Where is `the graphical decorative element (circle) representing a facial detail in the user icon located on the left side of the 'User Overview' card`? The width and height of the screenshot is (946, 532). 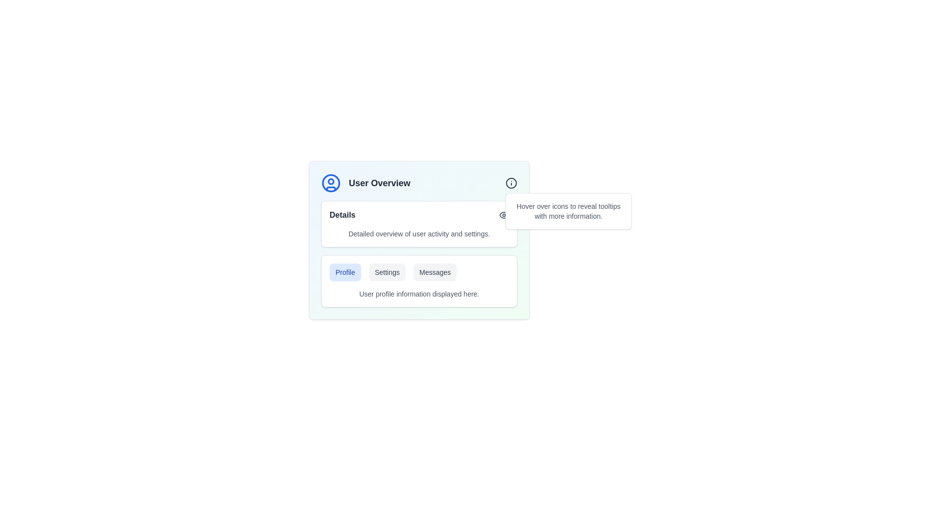
the graphical decorative element (circle) representing a facial detail in the user icon located on the left side of the 'User Overview' card is located at coordinates (331, 181).